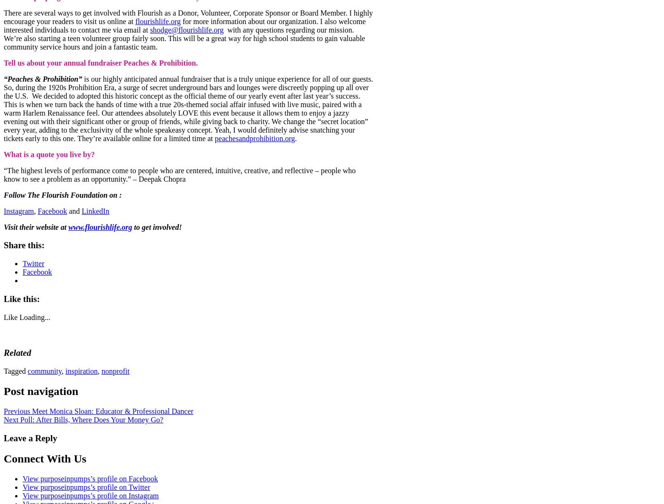  I want to click on 'Poll: After Bills, Where Does Your Money Go?', so click(90, 419).